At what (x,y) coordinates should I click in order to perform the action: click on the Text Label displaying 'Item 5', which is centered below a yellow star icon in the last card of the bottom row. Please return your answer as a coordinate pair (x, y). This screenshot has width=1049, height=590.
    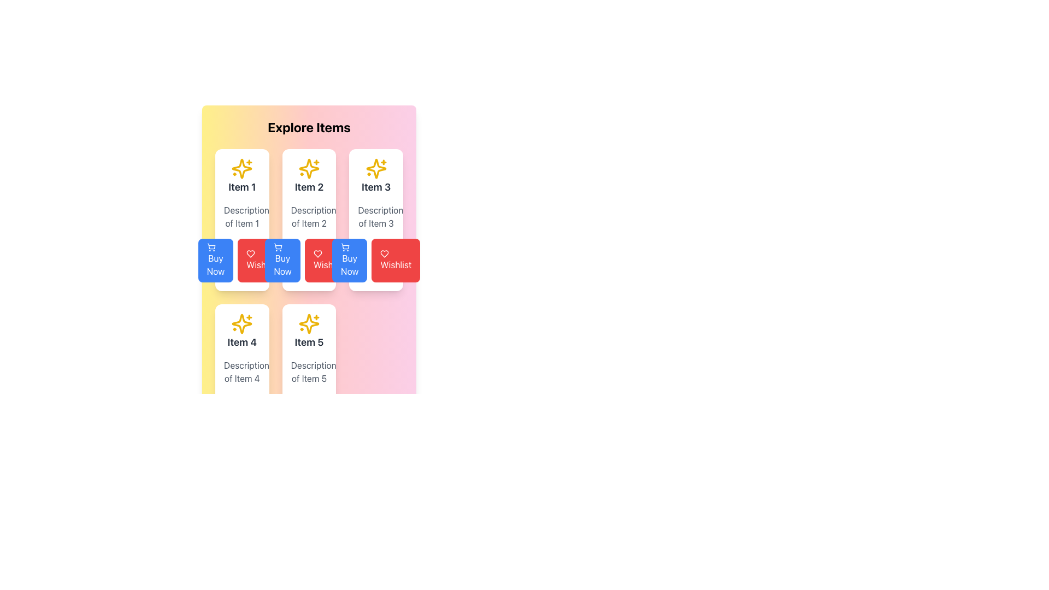
    Looking at the image, I should click on (309, 331).